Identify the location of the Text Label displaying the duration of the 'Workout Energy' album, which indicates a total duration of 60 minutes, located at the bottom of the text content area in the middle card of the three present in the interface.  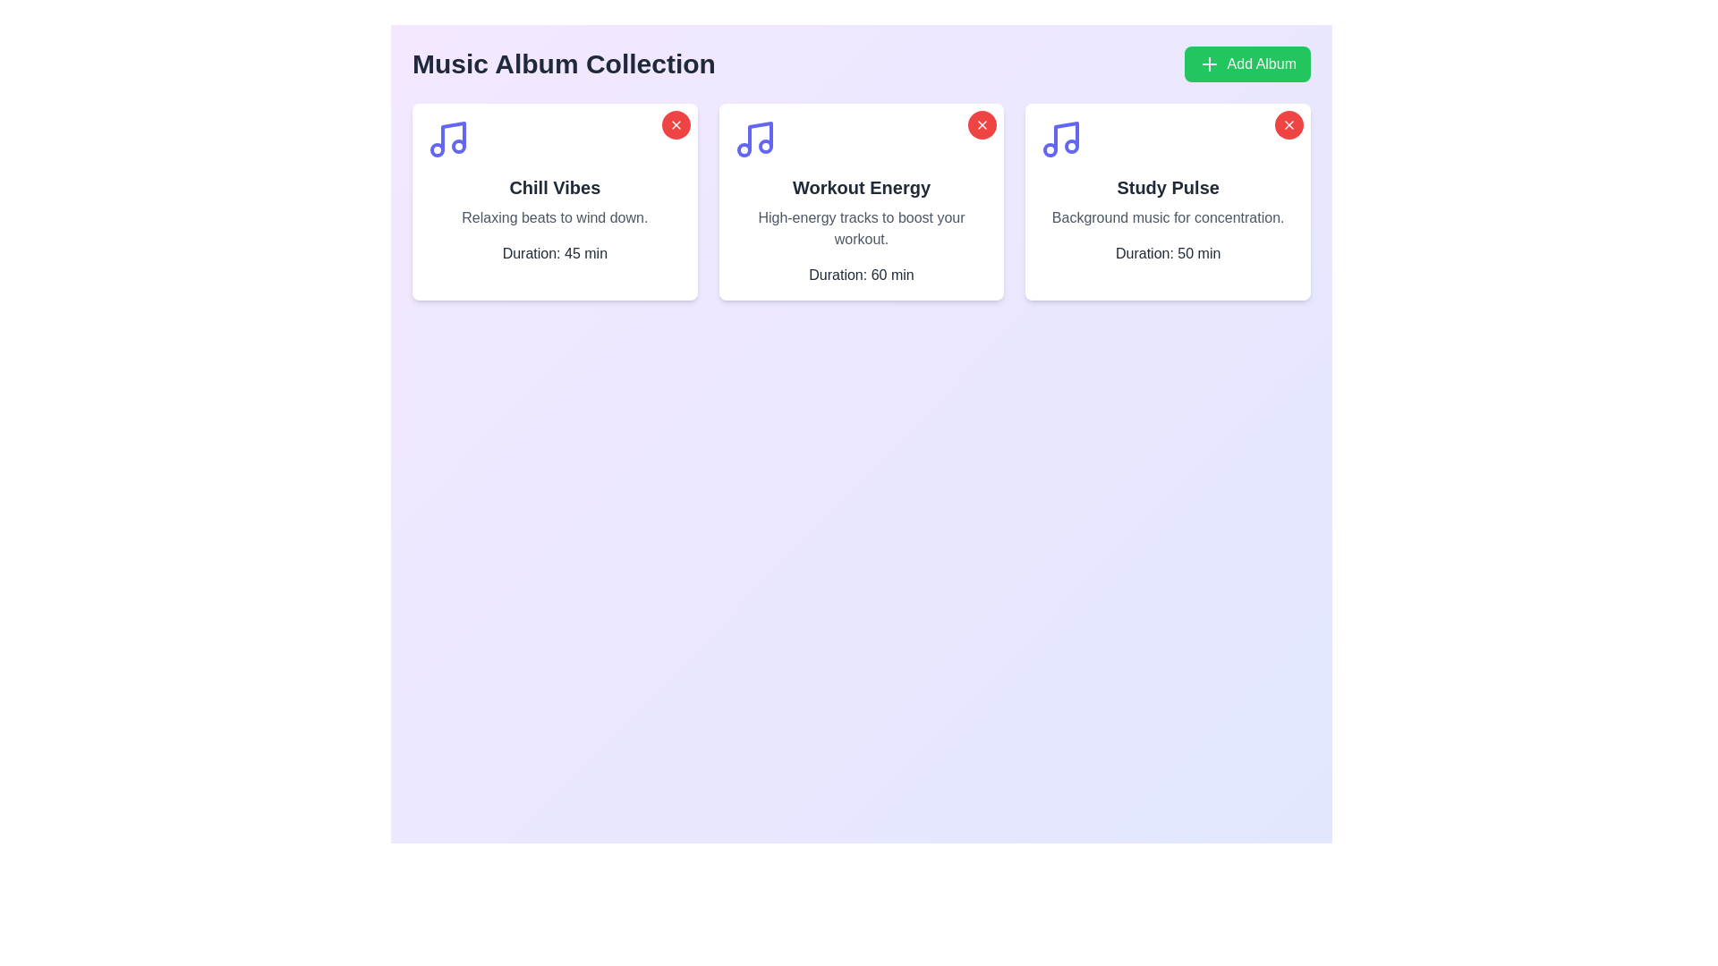
(862, 275).